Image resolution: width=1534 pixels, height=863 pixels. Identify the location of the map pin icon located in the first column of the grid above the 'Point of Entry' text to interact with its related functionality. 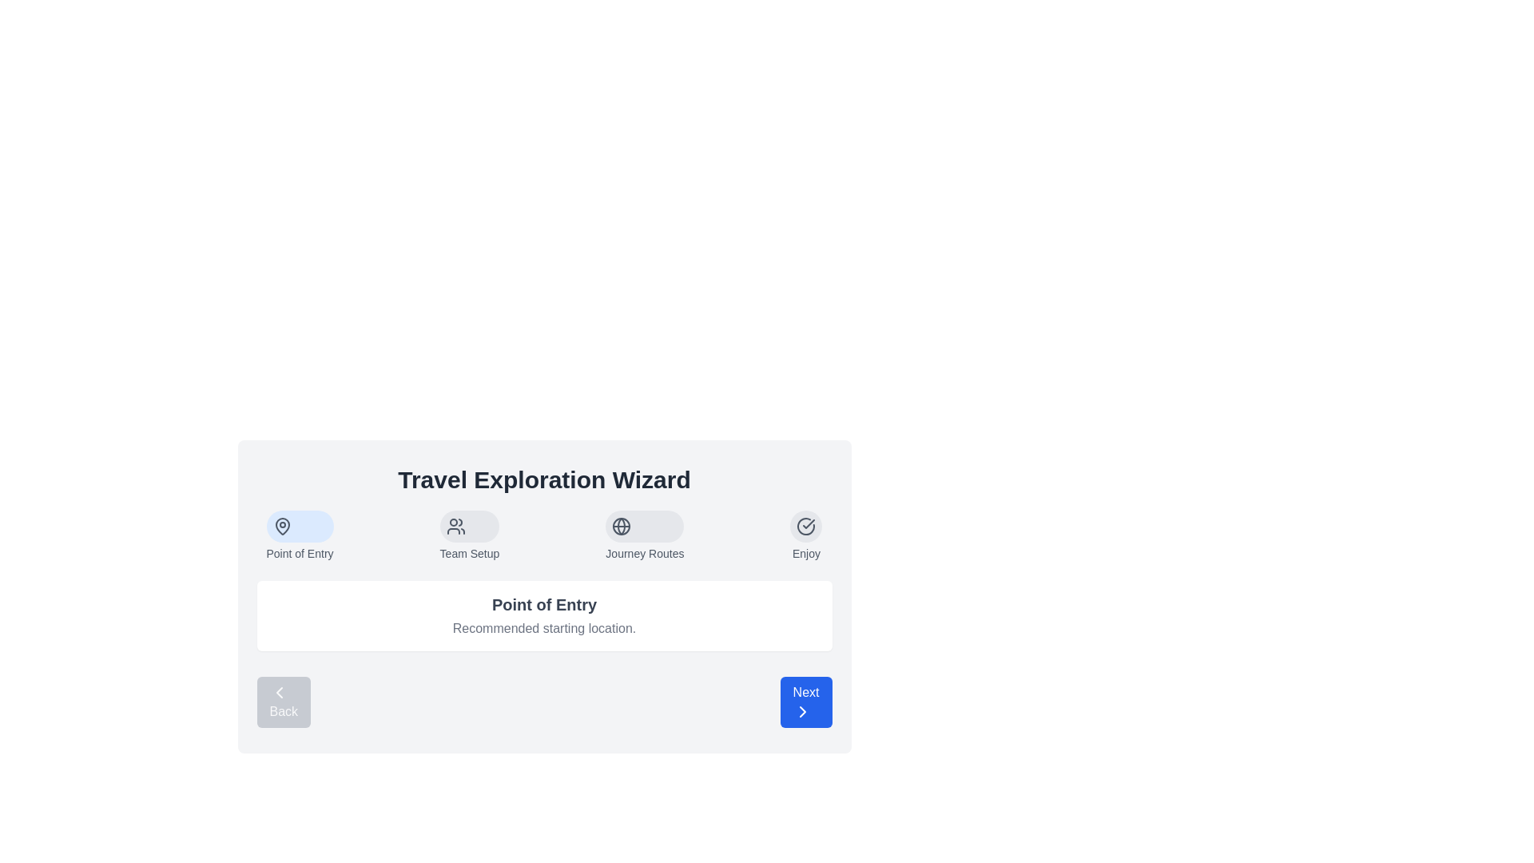
(282, 527).